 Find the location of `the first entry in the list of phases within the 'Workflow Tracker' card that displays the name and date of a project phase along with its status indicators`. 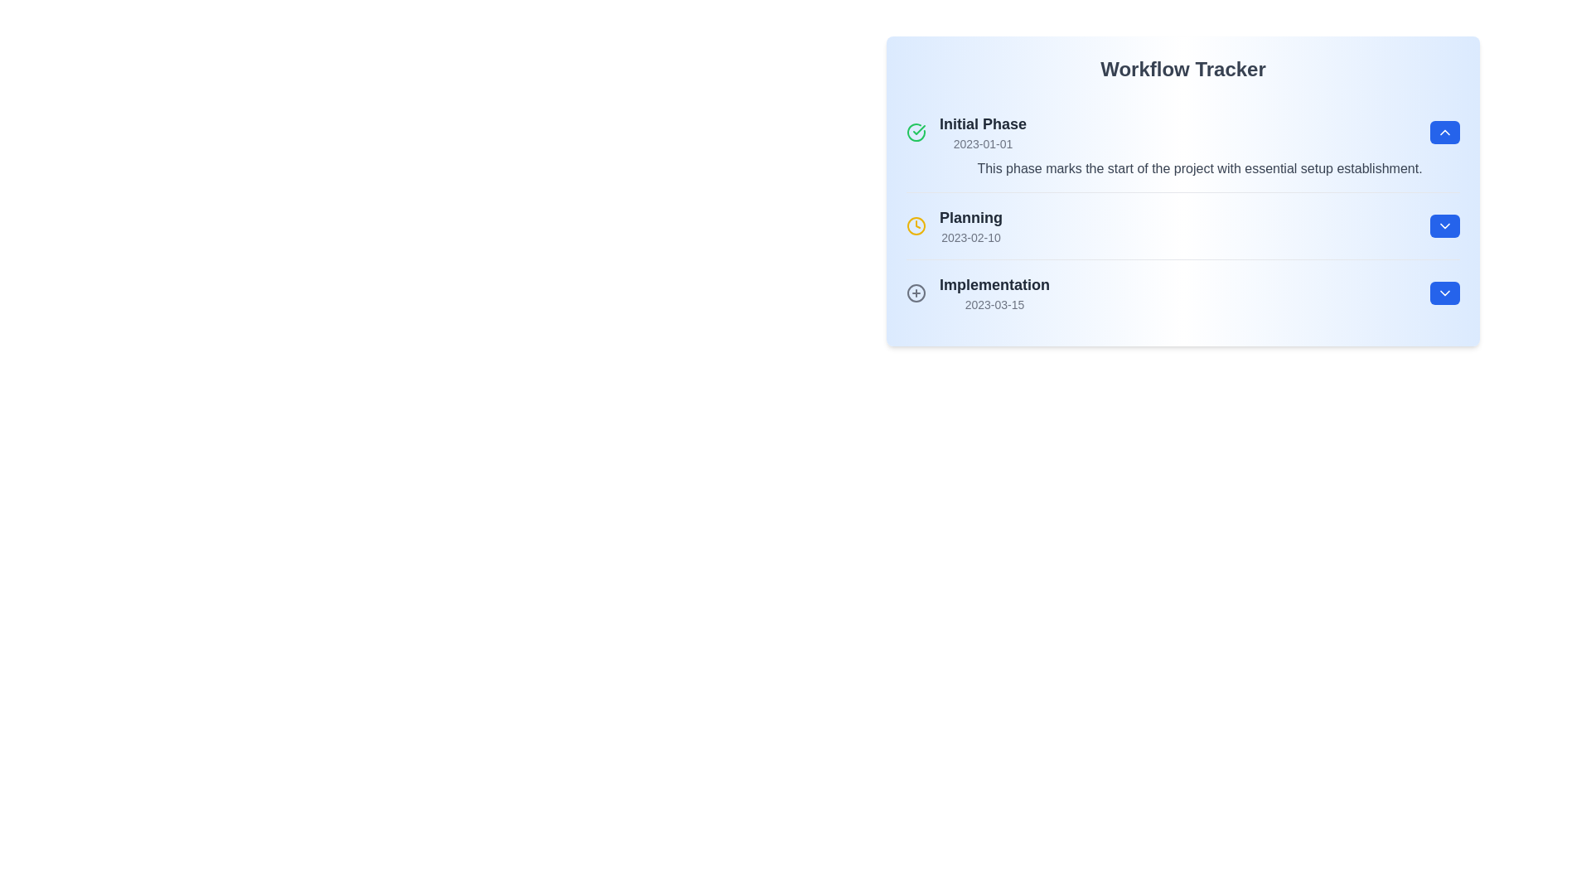

the first entry in the list of phases within the 'Workflow Tracker' card that displays the name and date of a project phase along with its status indicators is located at coordinates (1182, 131).